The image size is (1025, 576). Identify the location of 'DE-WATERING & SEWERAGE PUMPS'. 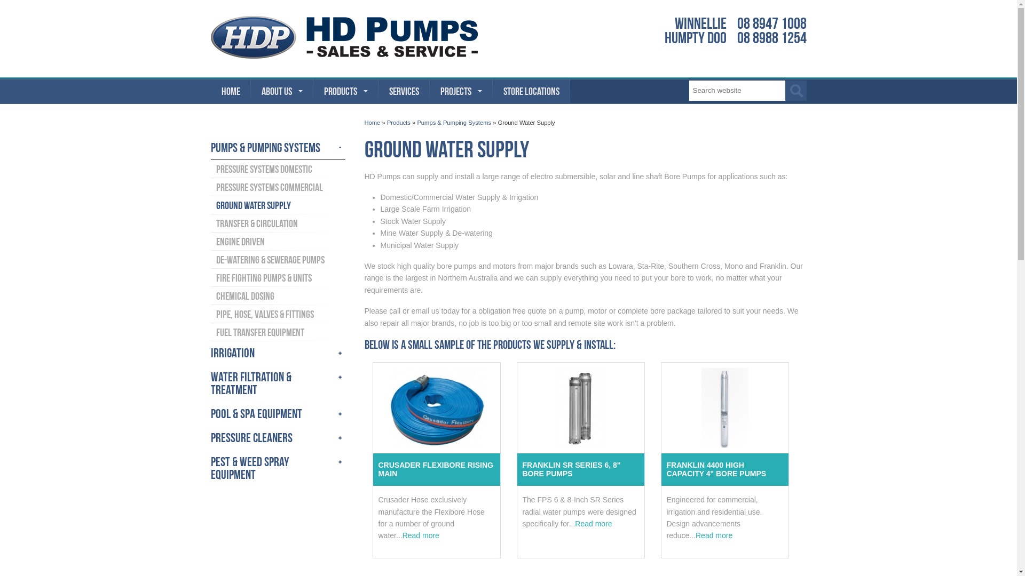
(210, 259).